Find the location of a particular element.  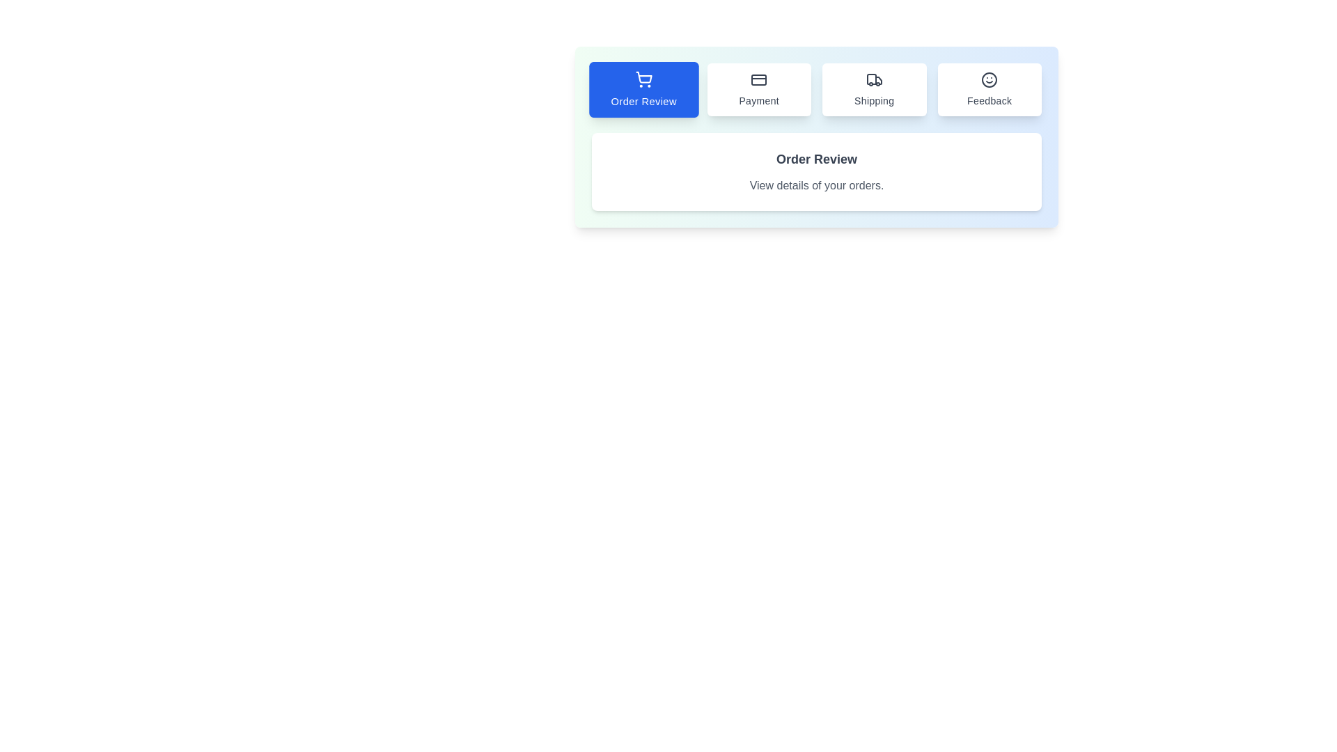

the descriptive text label for the 'Payment' button, which is centrally aligned below the button's icon is located at coordinates (758, 100).